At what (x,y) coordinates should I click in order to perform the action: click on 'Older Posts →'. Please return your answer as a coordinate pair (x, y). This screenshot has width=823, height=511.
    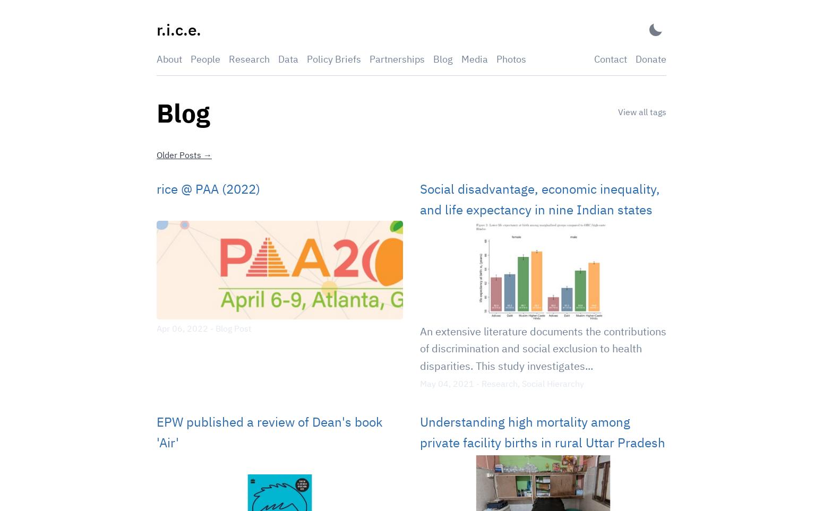
    Looking at the image, I should click on (184, 154).